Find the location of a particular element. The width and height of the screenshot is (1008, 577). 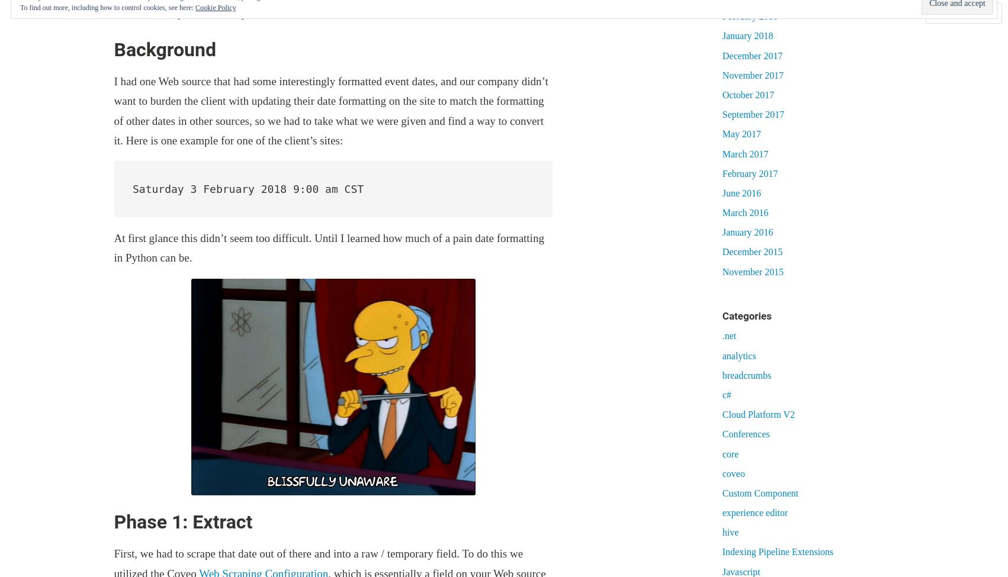

'November 2015' is located at coordinates (753, 271).